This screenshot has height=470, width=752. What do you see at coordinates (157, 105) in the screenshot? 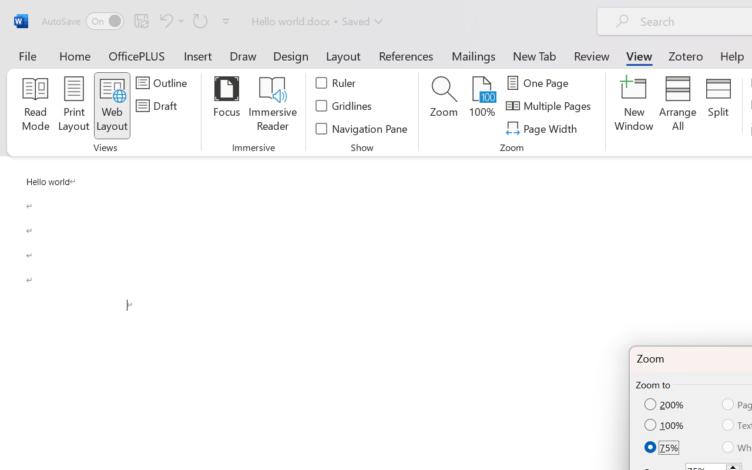
I see `'Draft'` at bounding box center [157, 105].